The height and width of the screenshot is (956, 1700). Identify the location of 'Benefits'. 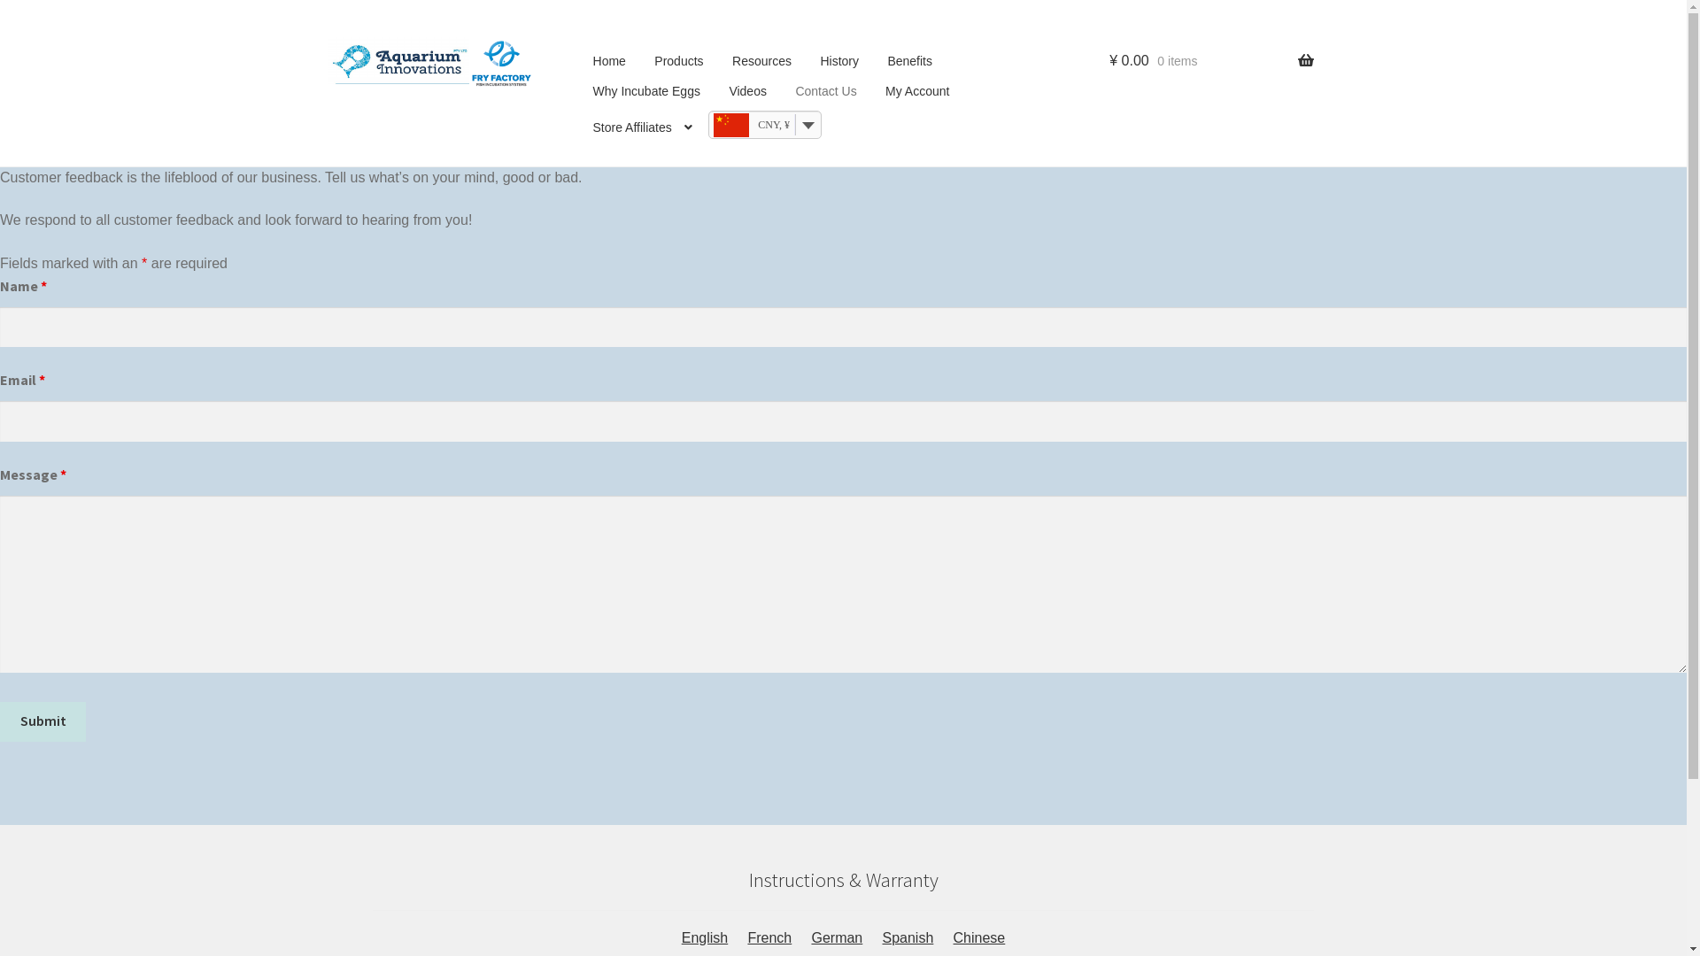
(909, 65).